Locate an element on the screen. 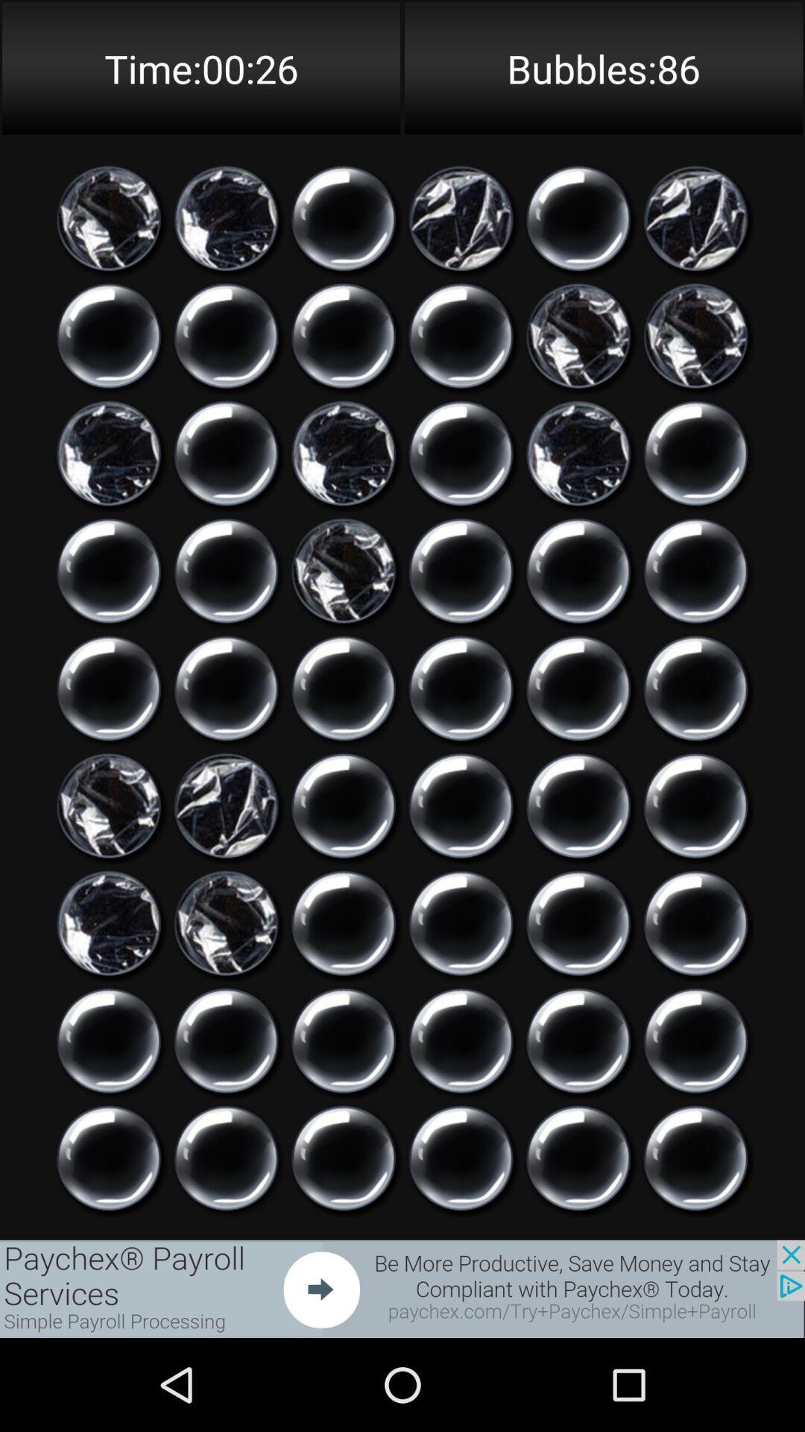  the refresh icon is located at coordinates (578, 1114).